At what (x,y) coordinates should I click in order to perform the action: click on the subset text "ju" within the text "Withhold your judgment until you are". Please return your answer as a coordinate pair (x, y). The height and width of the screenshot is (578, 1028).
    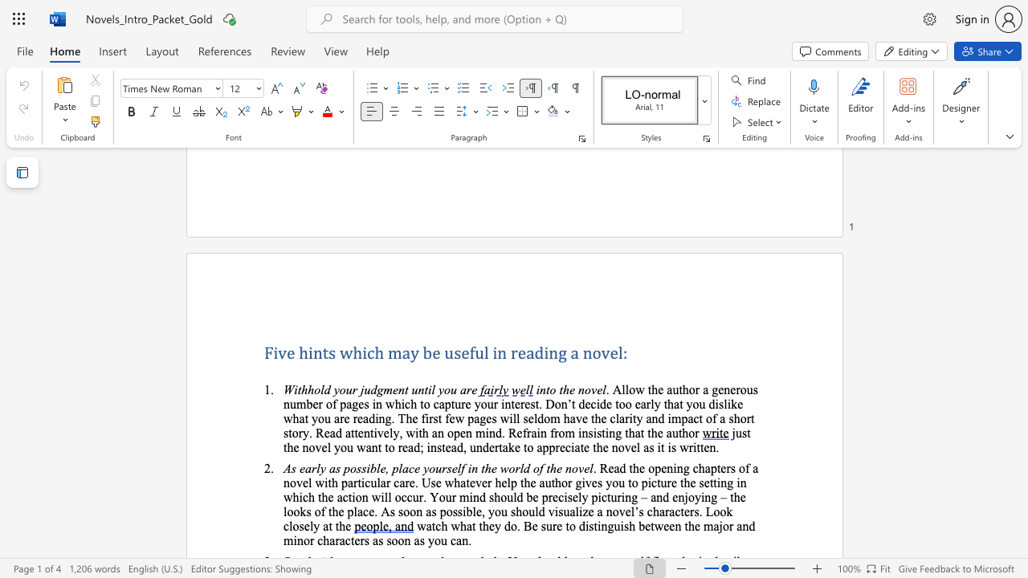
    Looking at the image, I should click on (360, 389).